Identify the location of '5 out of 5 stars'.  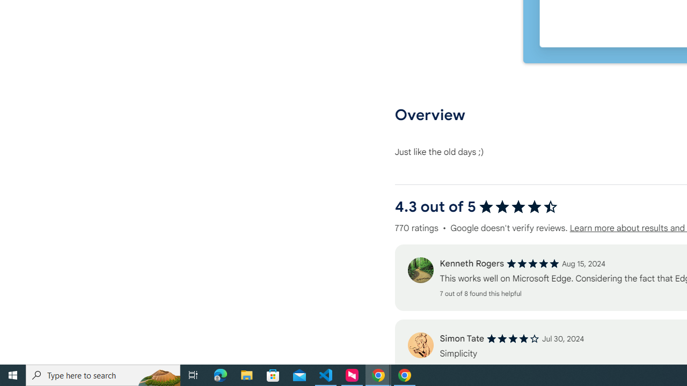
(532, 264).